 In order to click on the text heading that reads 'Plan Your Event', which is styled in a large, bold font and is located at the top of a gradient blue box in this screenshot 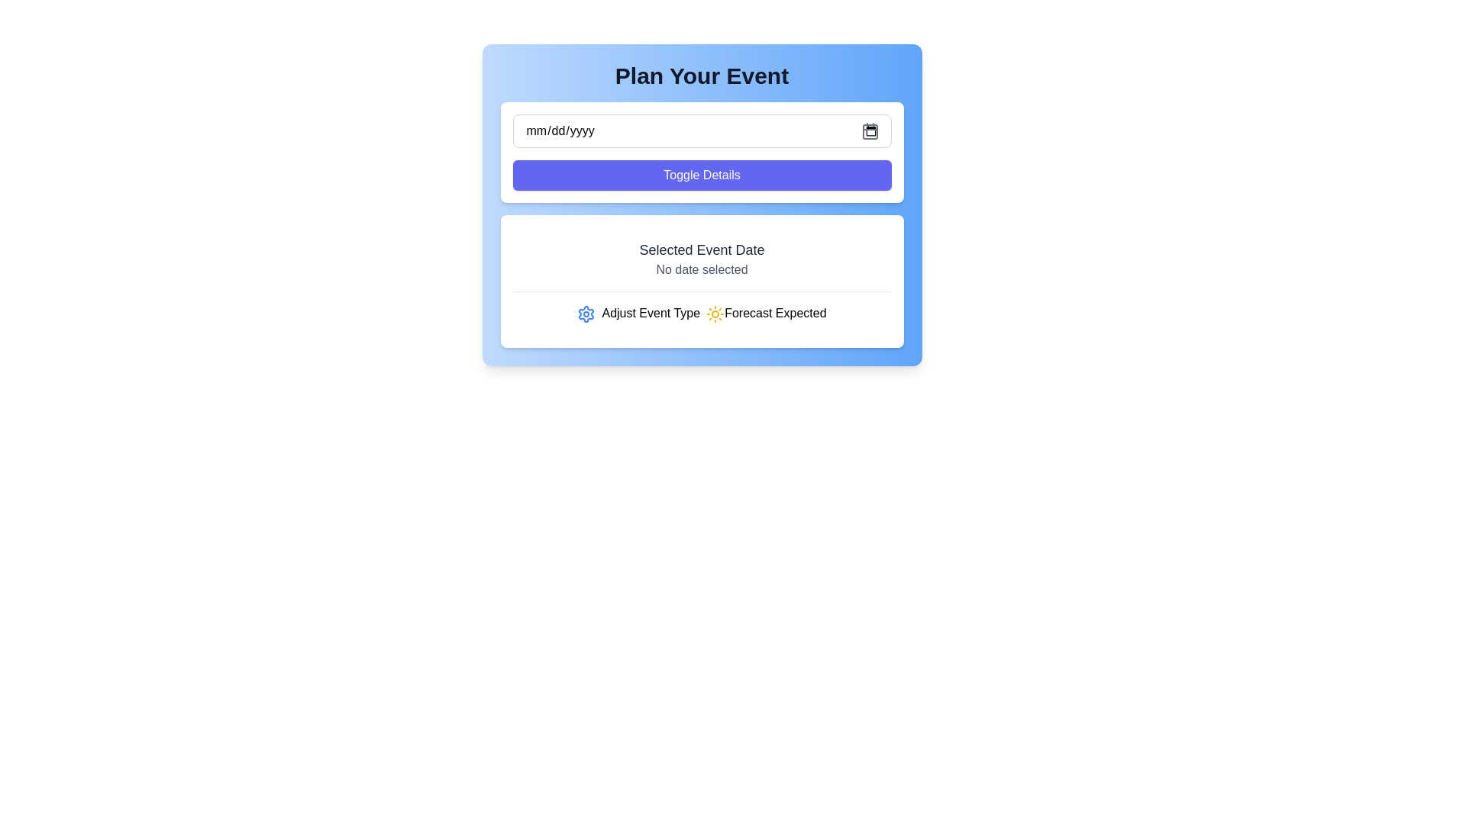, I will do `click(701, 76)`.